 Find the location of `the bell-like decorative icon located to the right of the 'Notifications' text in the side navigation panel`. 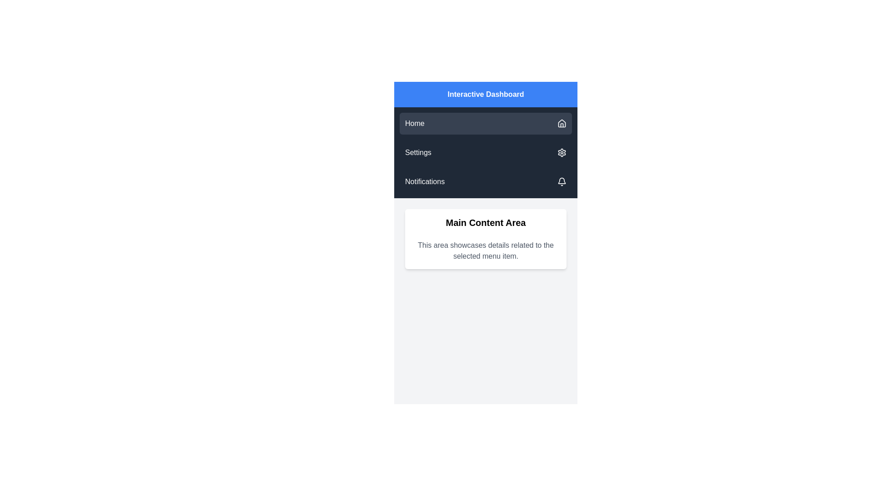

the bell-like decorative icon located to the right of the 'Notifications' text in the side navigation panel is located at coordinates (562, 180).